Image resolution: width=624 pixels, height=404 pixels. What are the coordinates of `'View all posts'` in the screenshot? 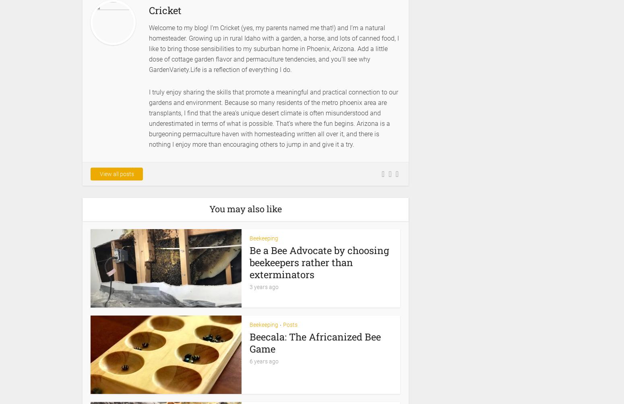 It's located at (116, 174).